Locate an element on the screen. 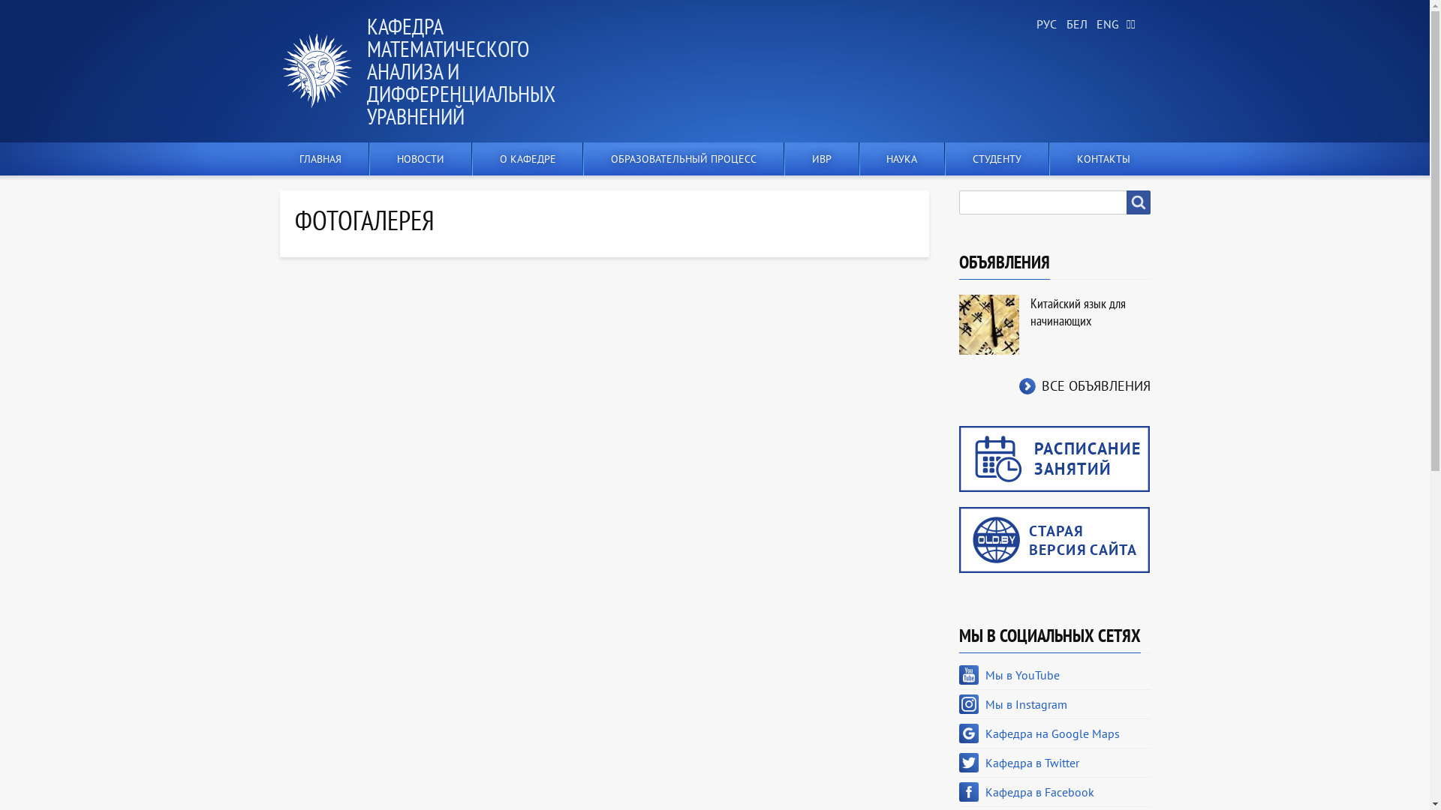  'Belarusian' is located at coordinates (1073, 25).